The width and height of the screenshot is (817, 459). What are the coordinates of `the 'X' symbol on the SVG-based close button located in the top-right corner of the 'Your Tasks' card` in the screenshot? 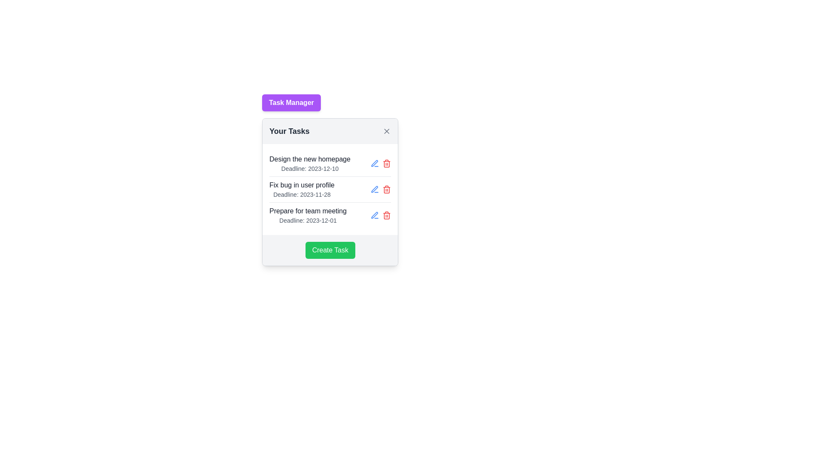 It's located at (386, 131).